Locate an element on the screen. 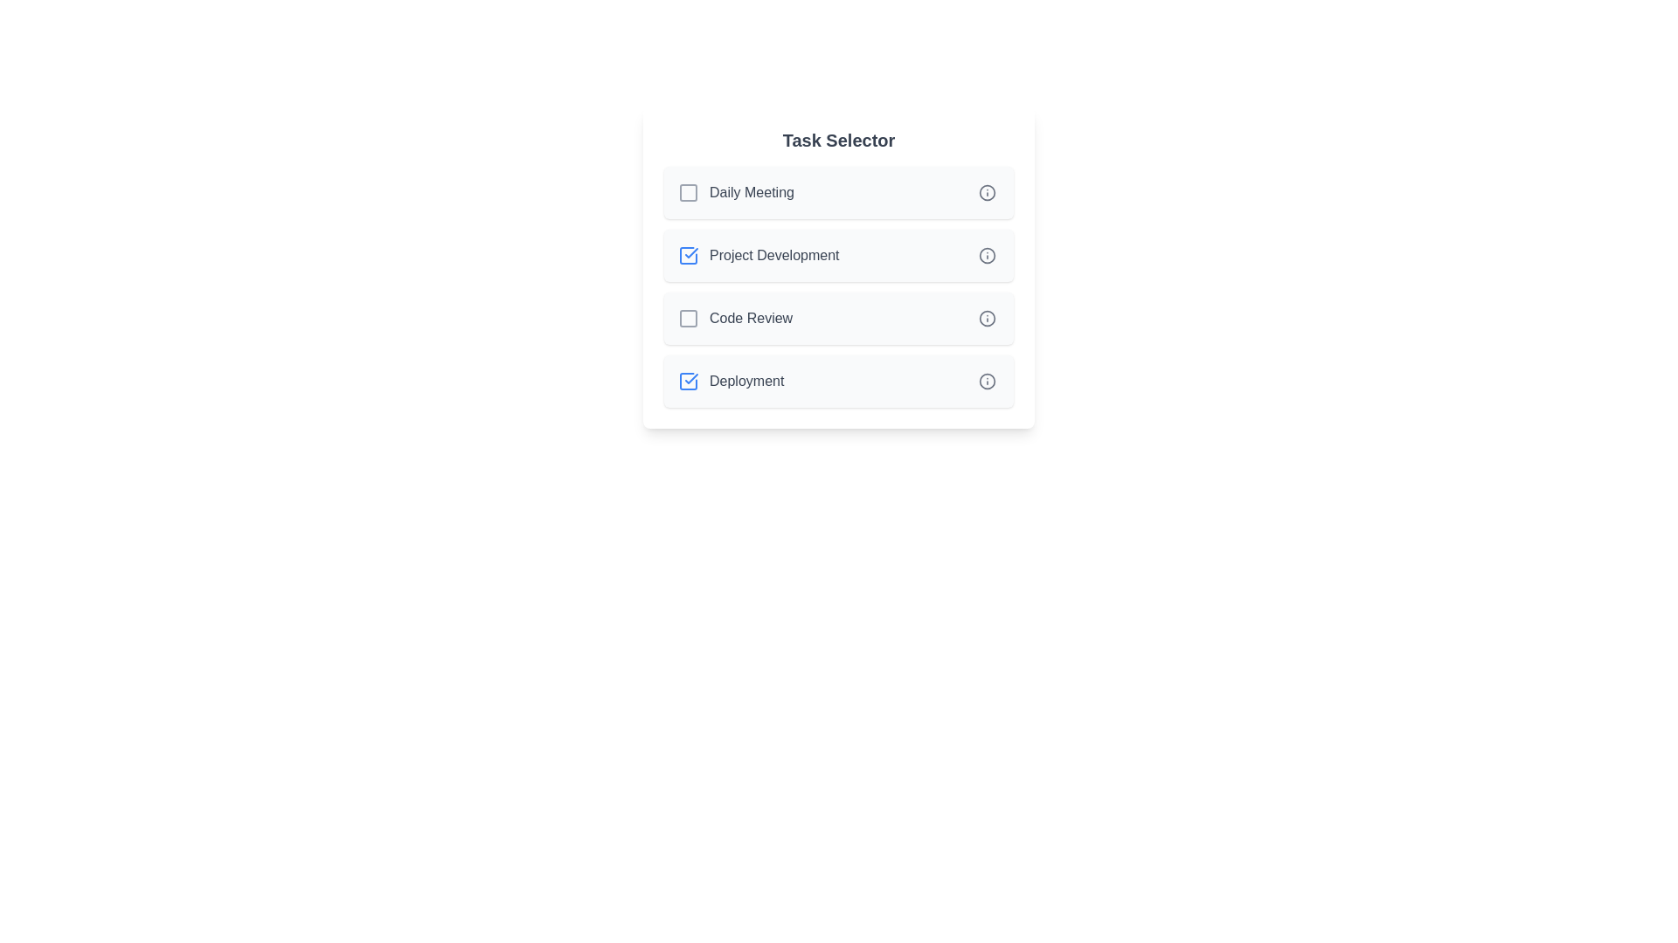  the information icon for Deployment is located at coordinates (987, 380).